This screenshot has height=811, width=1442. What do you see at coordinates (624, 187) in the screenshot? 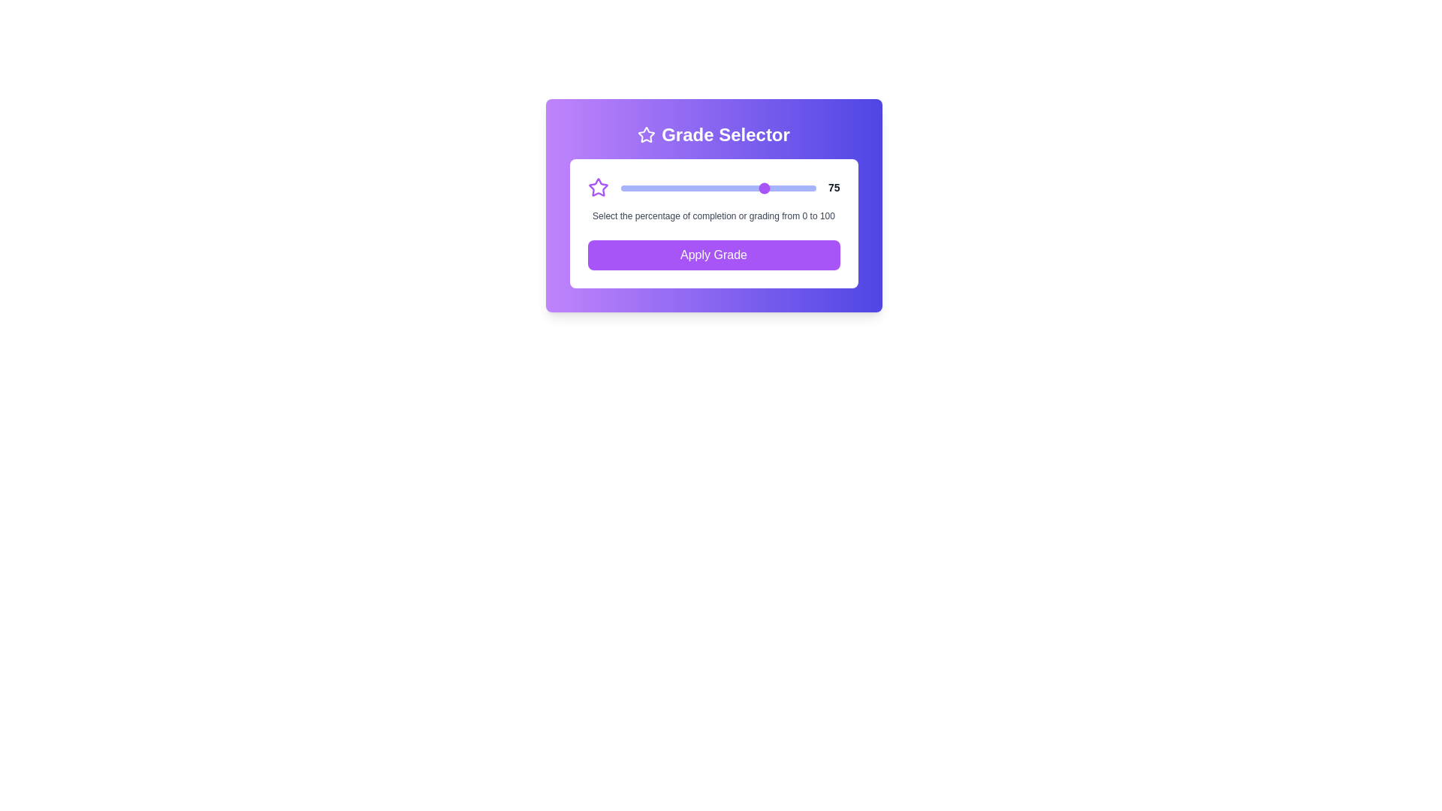
I see `the grade percentage` at bounding box center [624, 187].